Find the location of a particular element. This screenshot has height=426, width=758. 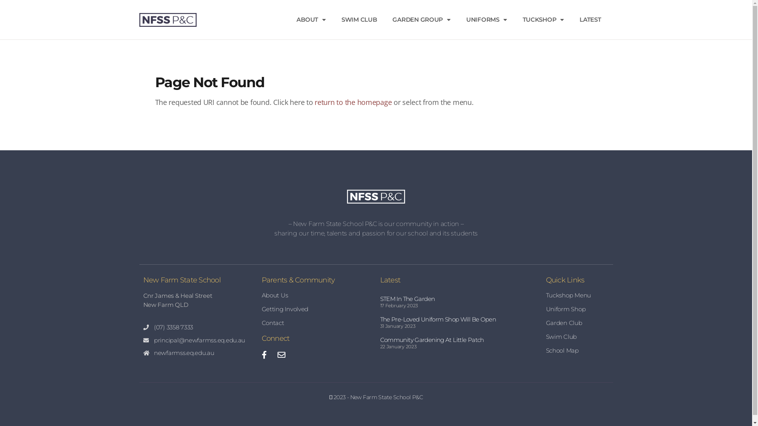

'School Map' is located at coordinates (577, 350).